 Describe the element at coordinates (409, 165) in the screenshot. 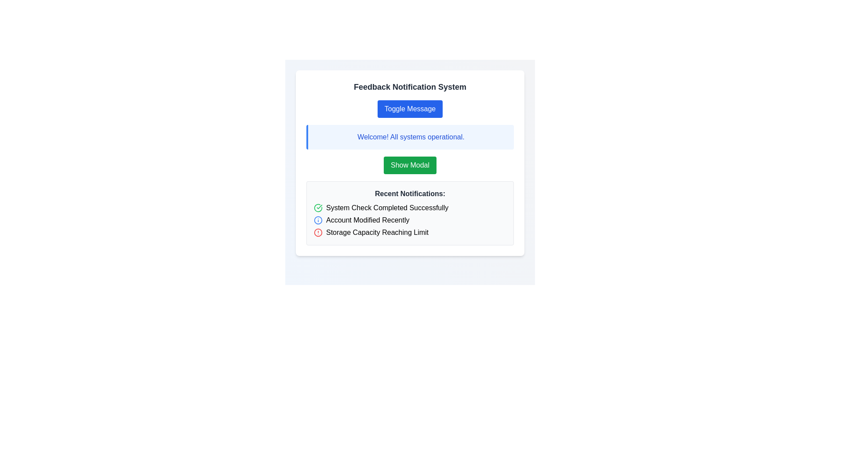

I see `the third button located beneath the 'Toggle Message' blue button` at that location.